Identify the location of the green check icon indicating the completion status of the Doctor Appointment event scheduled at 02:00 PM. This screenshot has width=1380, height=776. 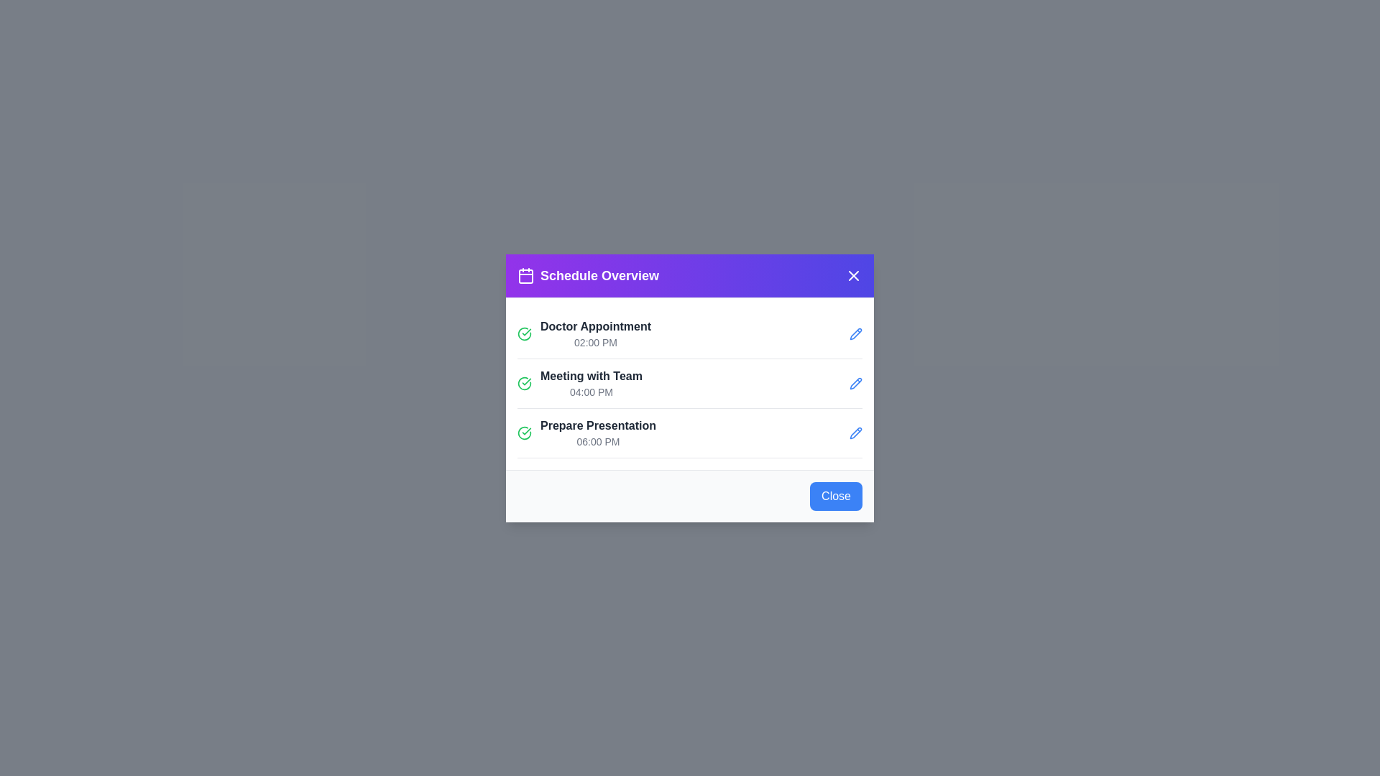
(523, 333).